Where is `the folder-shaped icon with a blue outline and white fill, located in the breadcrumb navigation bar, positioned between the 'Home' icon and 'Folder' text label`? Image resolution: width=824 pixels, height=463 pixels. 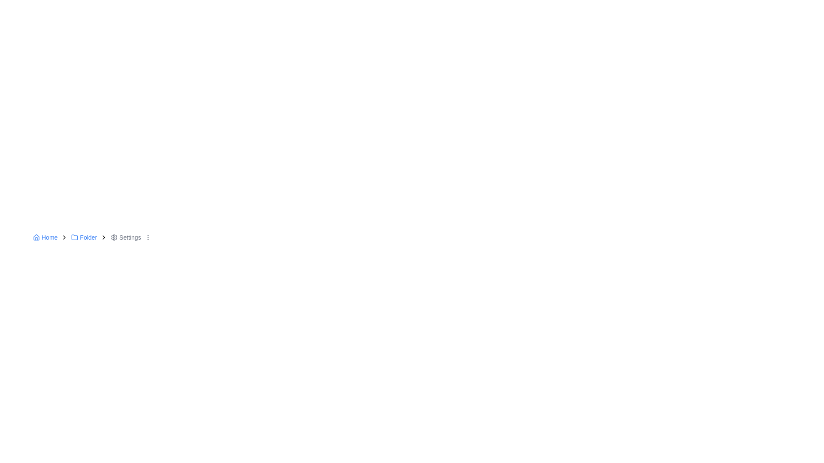
the folder-shaped icon with a blue outline and white fill, located in the breadcrumb navigation bar, positioned between the 'Home' icon and 'Folder' text label is located at coordinates (75, 238).